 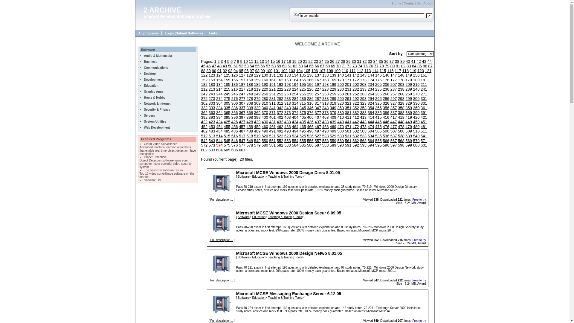 What do you see at coordinates (225, 61) in the screenshot?
I see `'4'` at bounding box center [225, 61].